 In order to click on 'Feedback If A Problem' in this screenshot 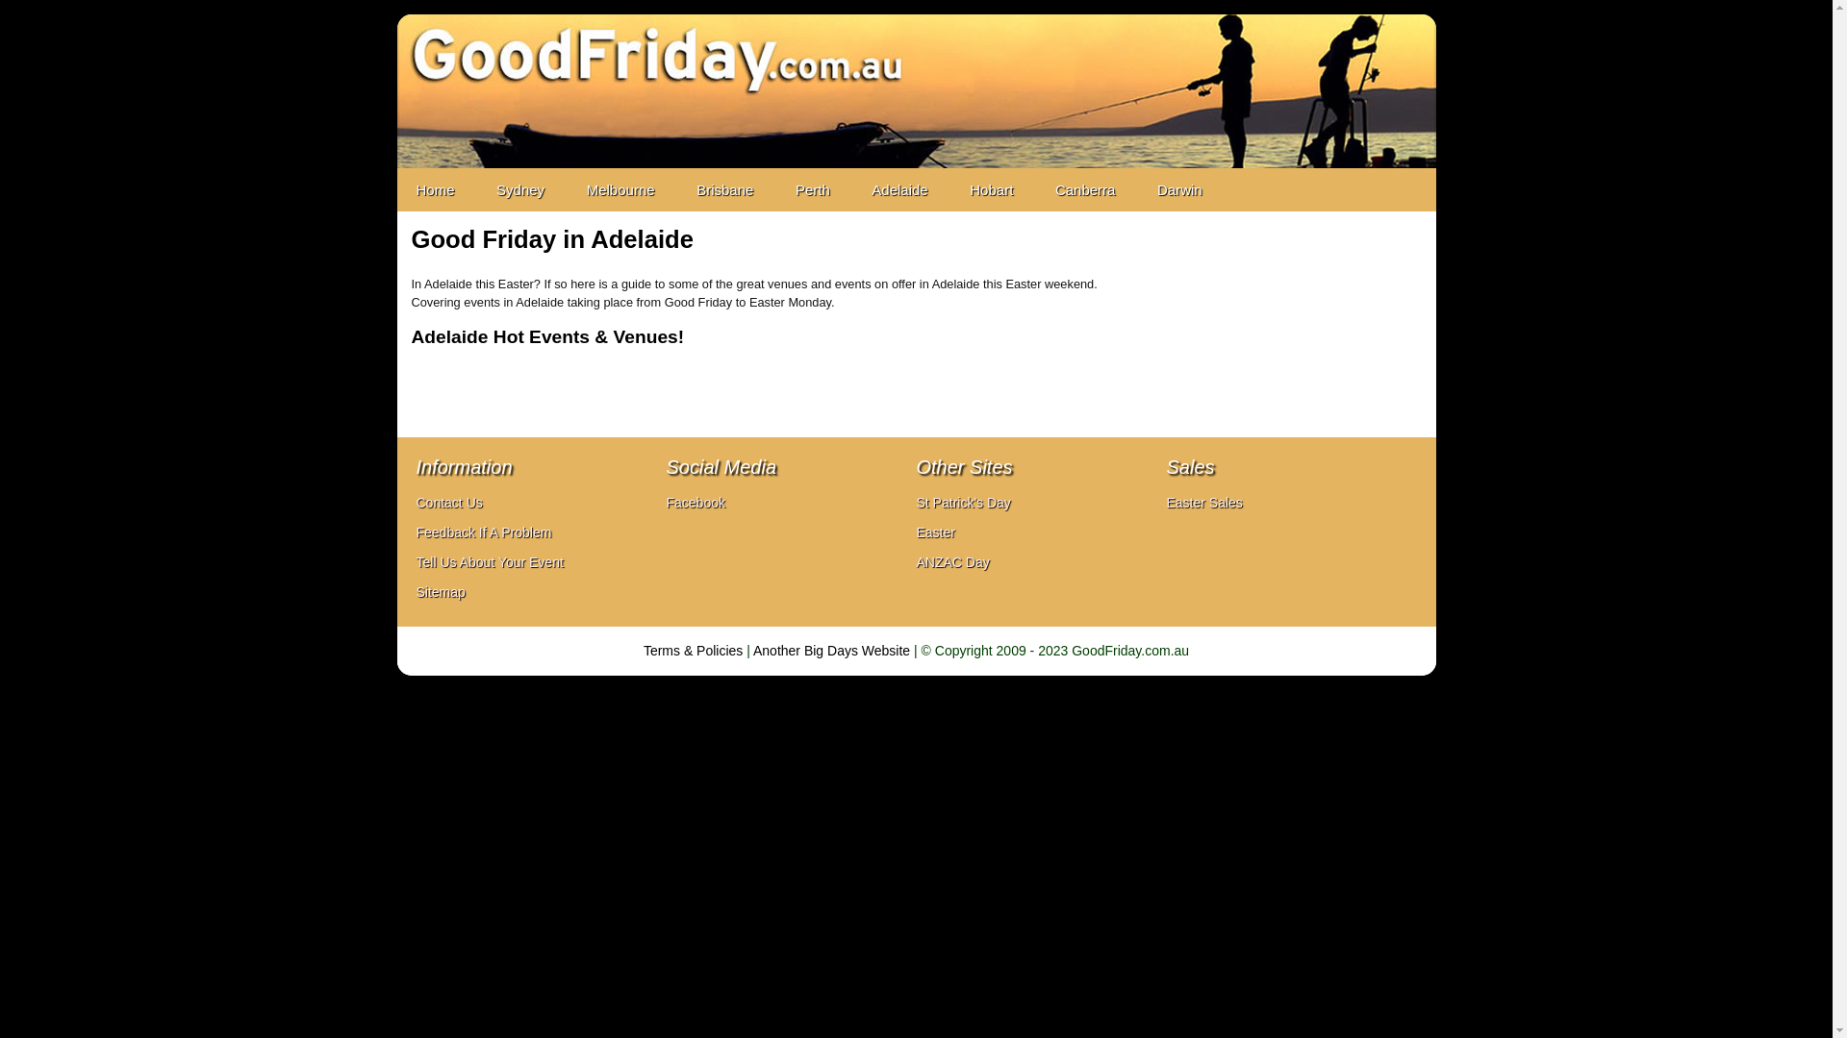, I will do `click(415, 532)`.